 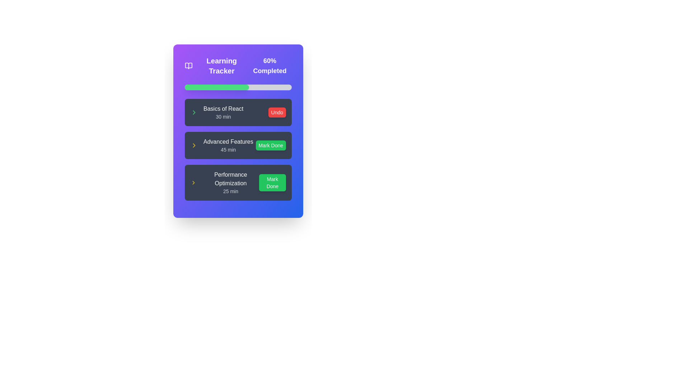 I want to click on the informative label displaying the name and duration of a course or task, located in the topmost card of a vertically stacked card list, adjacent to the 'Undo' button, so click(x=216, y=112).